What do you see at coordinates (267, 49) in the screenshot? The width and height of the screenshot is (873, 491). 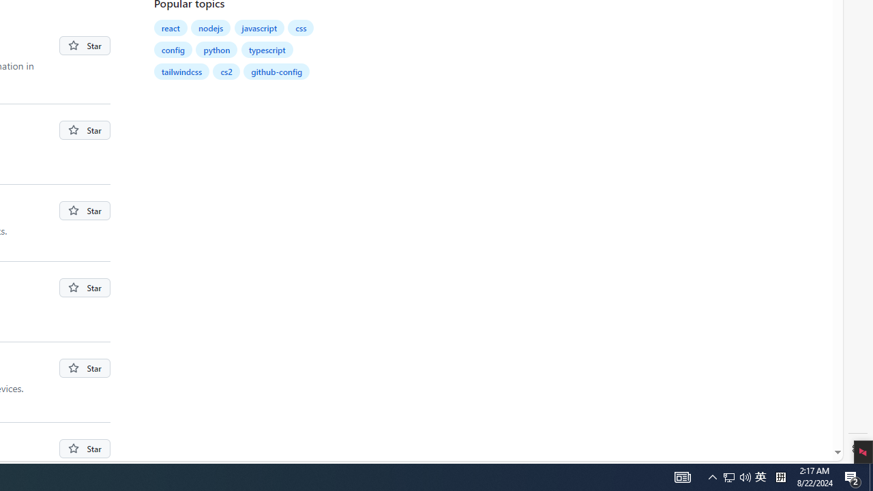 I see `'typescript'` at bounding box center [267, 49].